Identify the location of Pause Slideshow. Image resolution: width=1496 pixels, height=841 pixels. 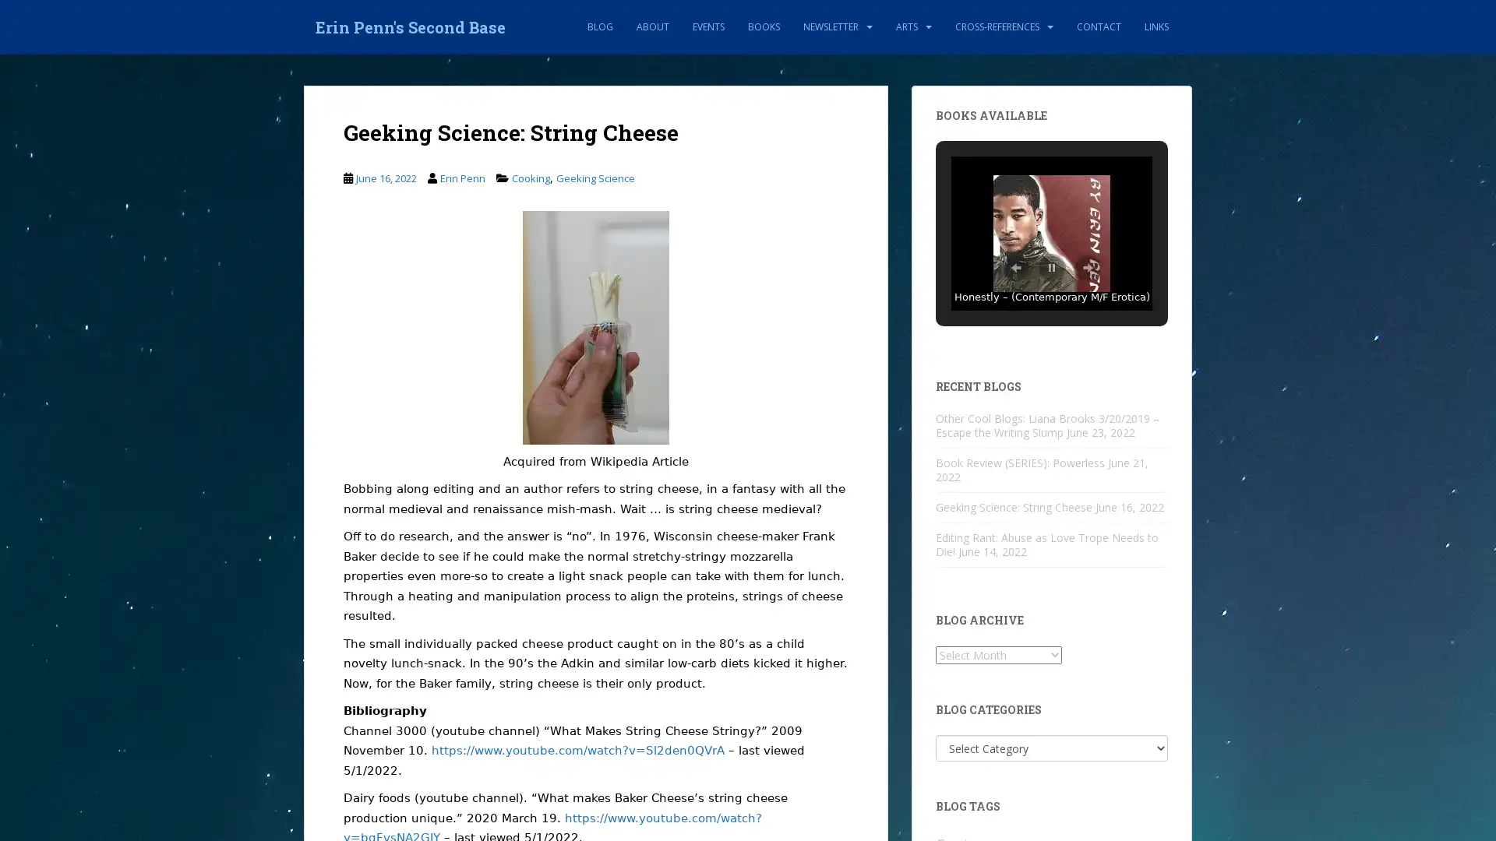
(1051, 266).